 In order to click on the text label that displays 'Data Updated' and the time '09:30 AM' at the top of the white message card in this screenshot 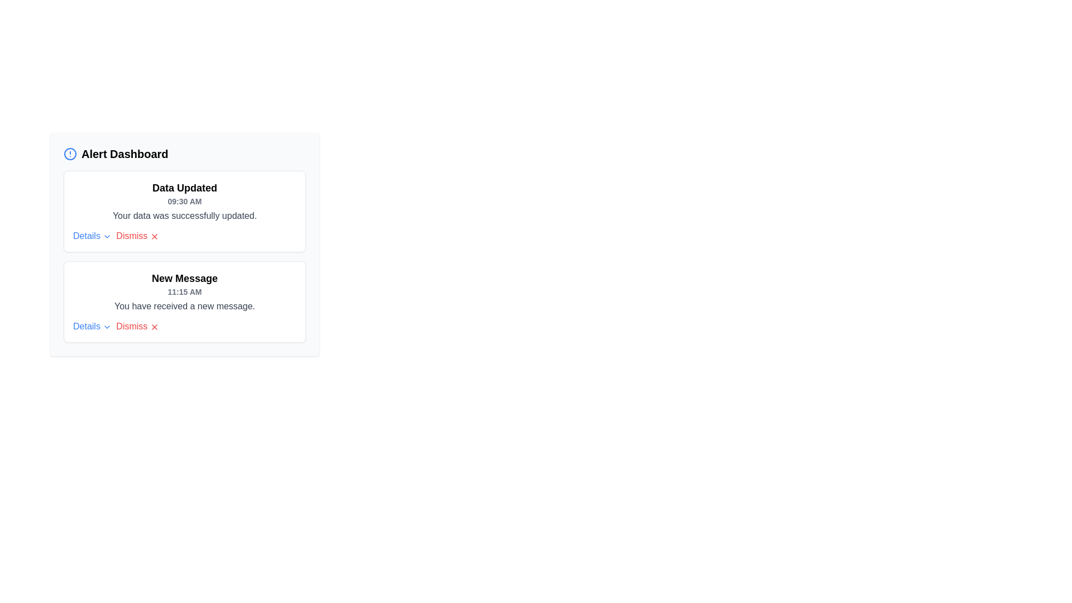, I will do `click(185, 193)`.